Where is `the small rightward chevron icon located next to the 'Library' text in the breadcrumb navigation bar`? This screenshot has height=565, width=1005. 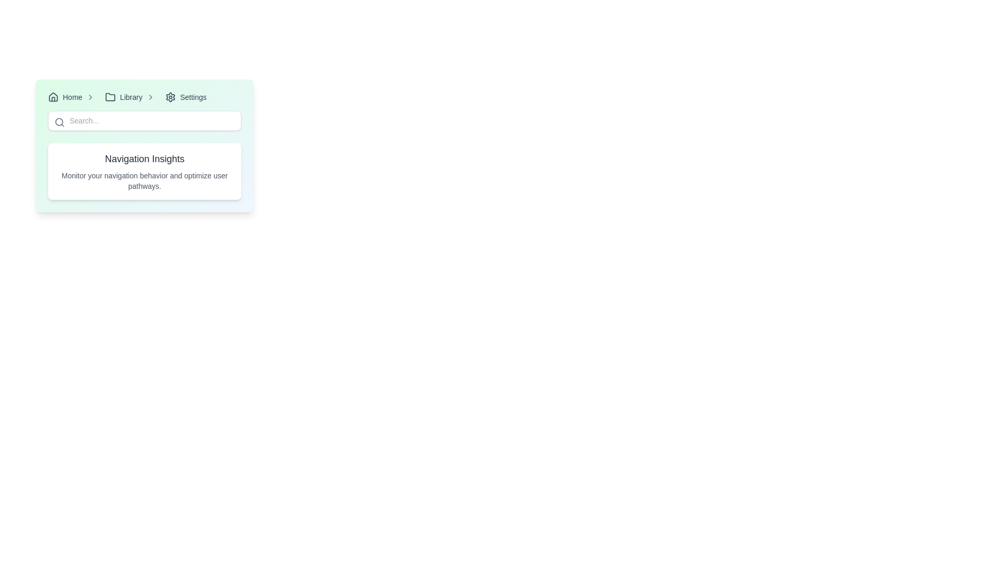
the small rightward chevron icon located next to the 'Library' text in the breadcrumb navigation bar is located at coordinates (150, 97).